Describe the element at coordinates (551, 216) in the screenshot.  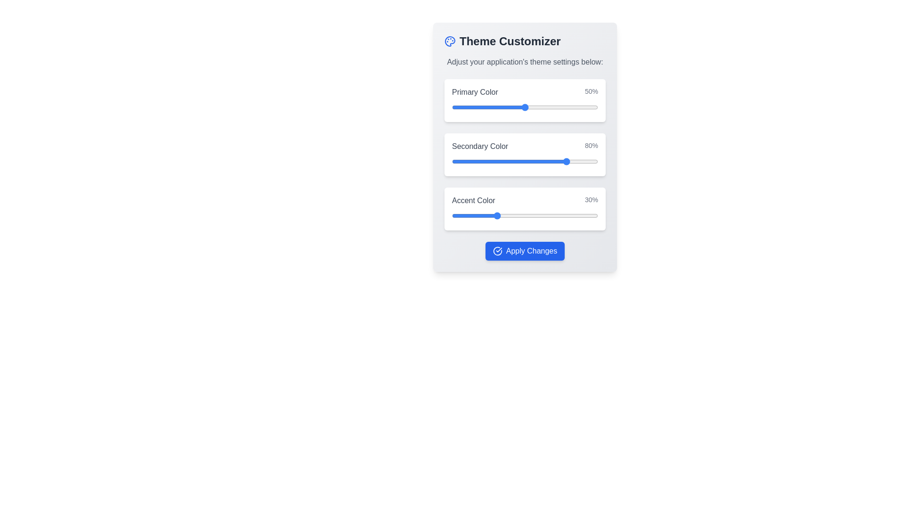
I see `the accent color percentage` at that location.